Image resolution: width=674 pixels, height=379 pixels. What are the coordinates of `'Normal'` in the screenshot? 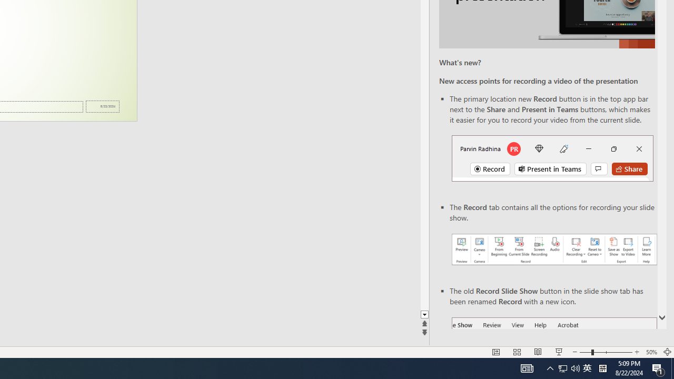 It's located at (495, 352).